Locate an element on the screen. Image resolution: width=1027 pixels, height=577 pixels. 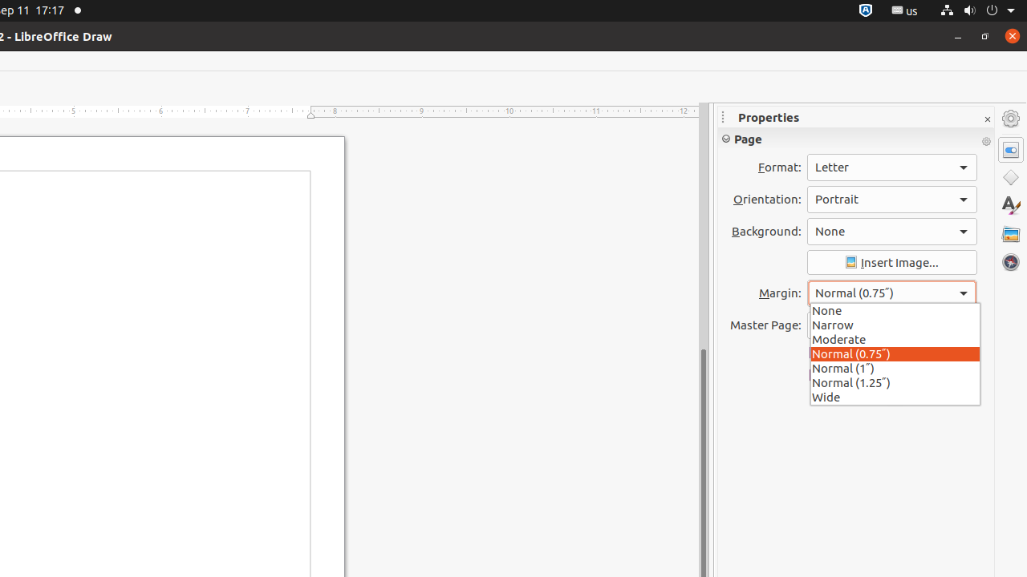
'Background:' is located at coordinates (891, 232).